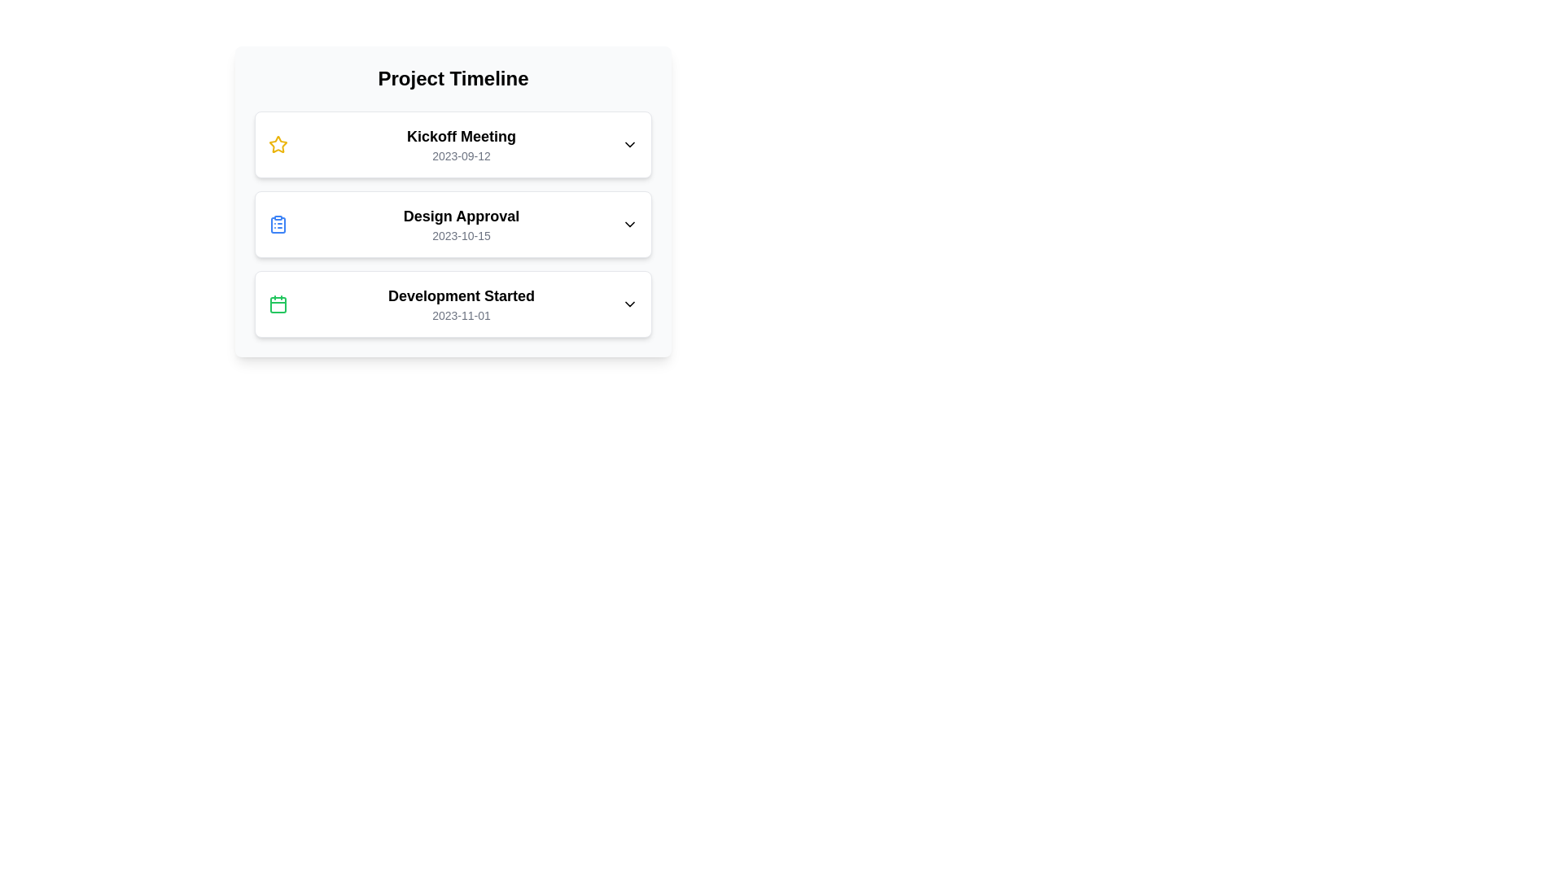  Describe the element at coordinates (460, 316) in the screenshot. I see `the text label displaying '2023-11-01' located below the heading 'Development Started' in the timeline section` at that location.